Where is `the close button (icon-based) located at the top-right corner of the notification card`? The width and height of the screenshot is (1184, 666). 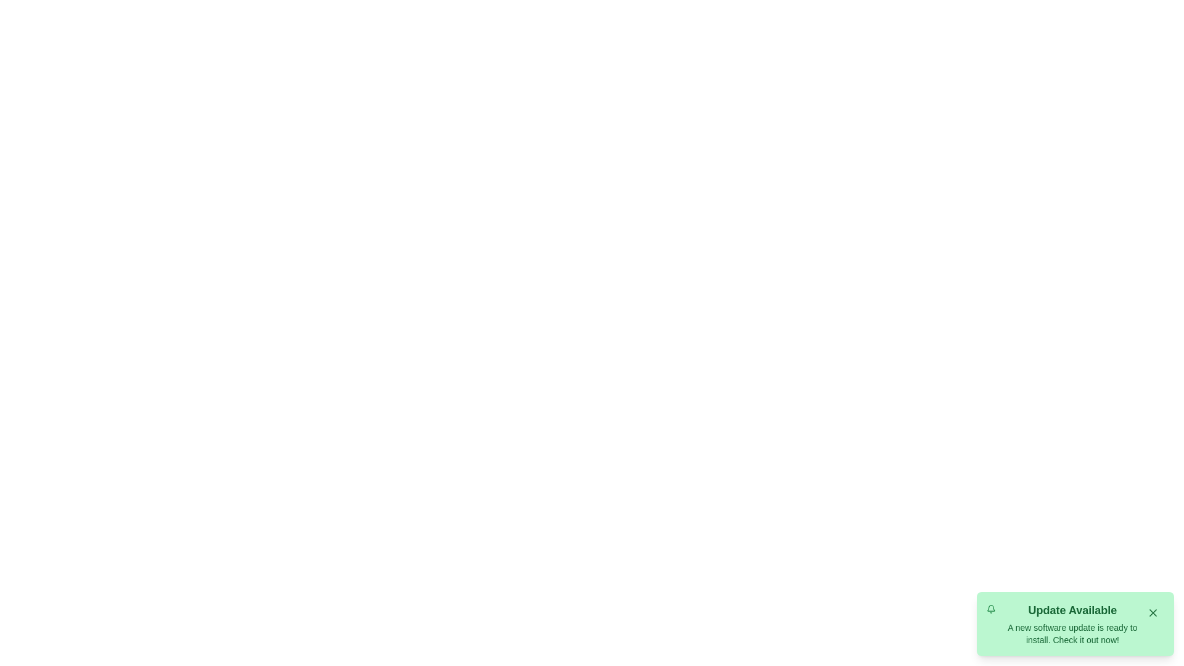
the close button (icon-based) located at the top-right corner of the notification card is located at coordinates (1153, 613).